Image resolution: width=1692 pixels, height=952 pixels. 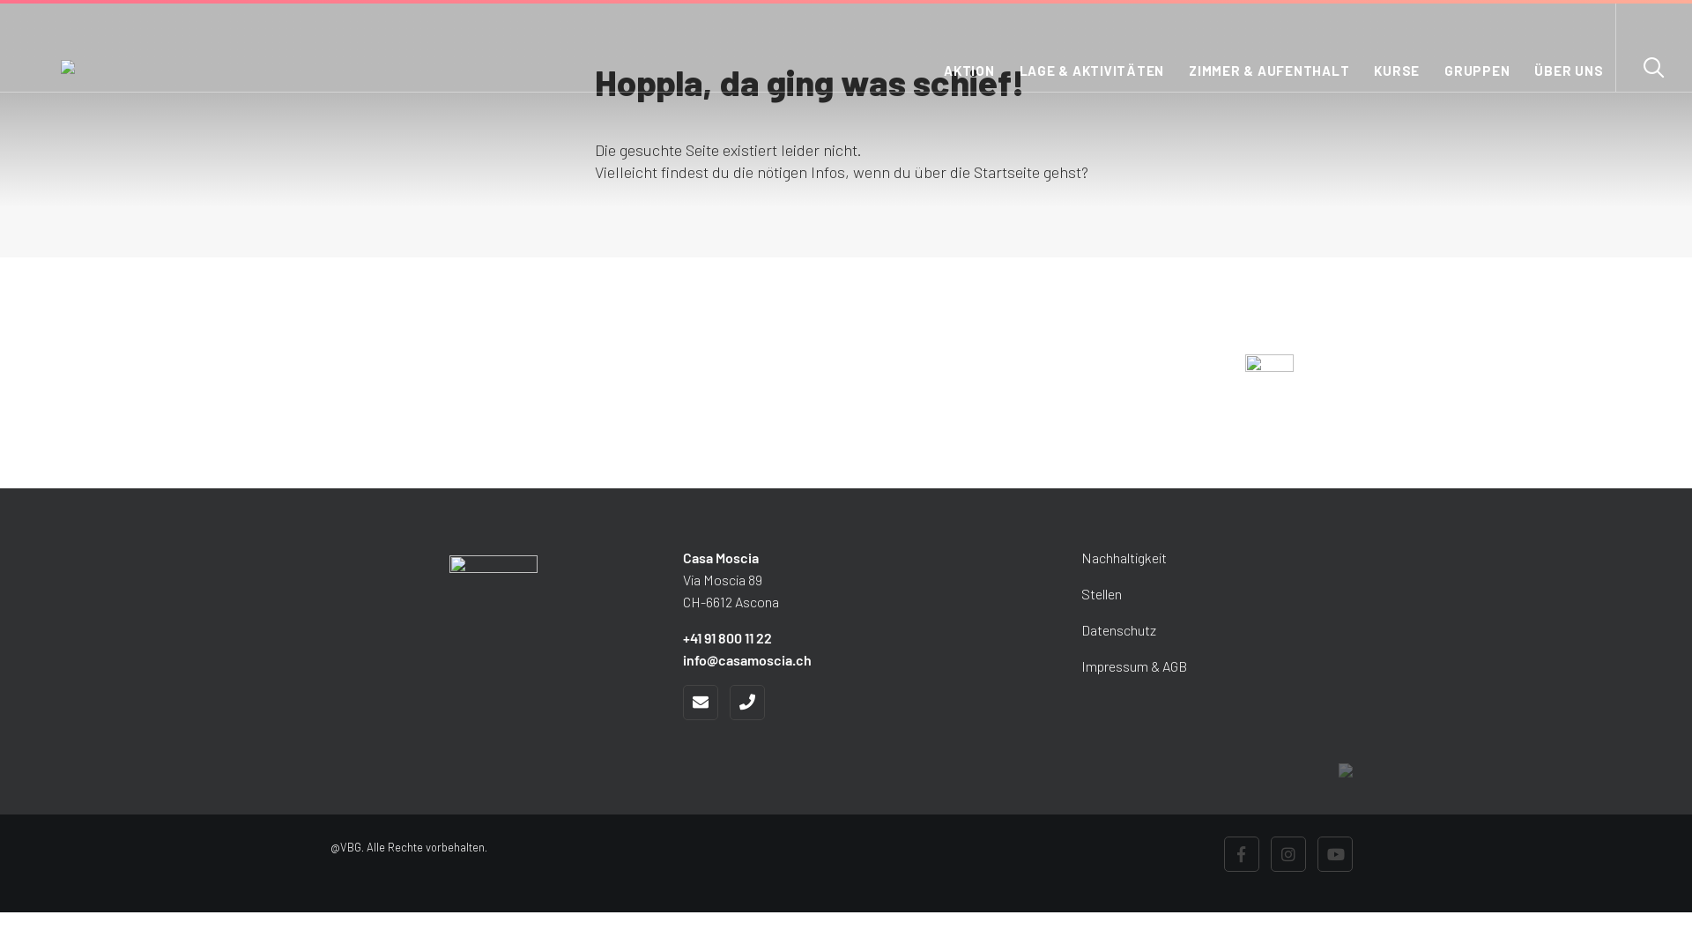 I want to click on 'GRUPPEN', so click(x=1476, y=77).